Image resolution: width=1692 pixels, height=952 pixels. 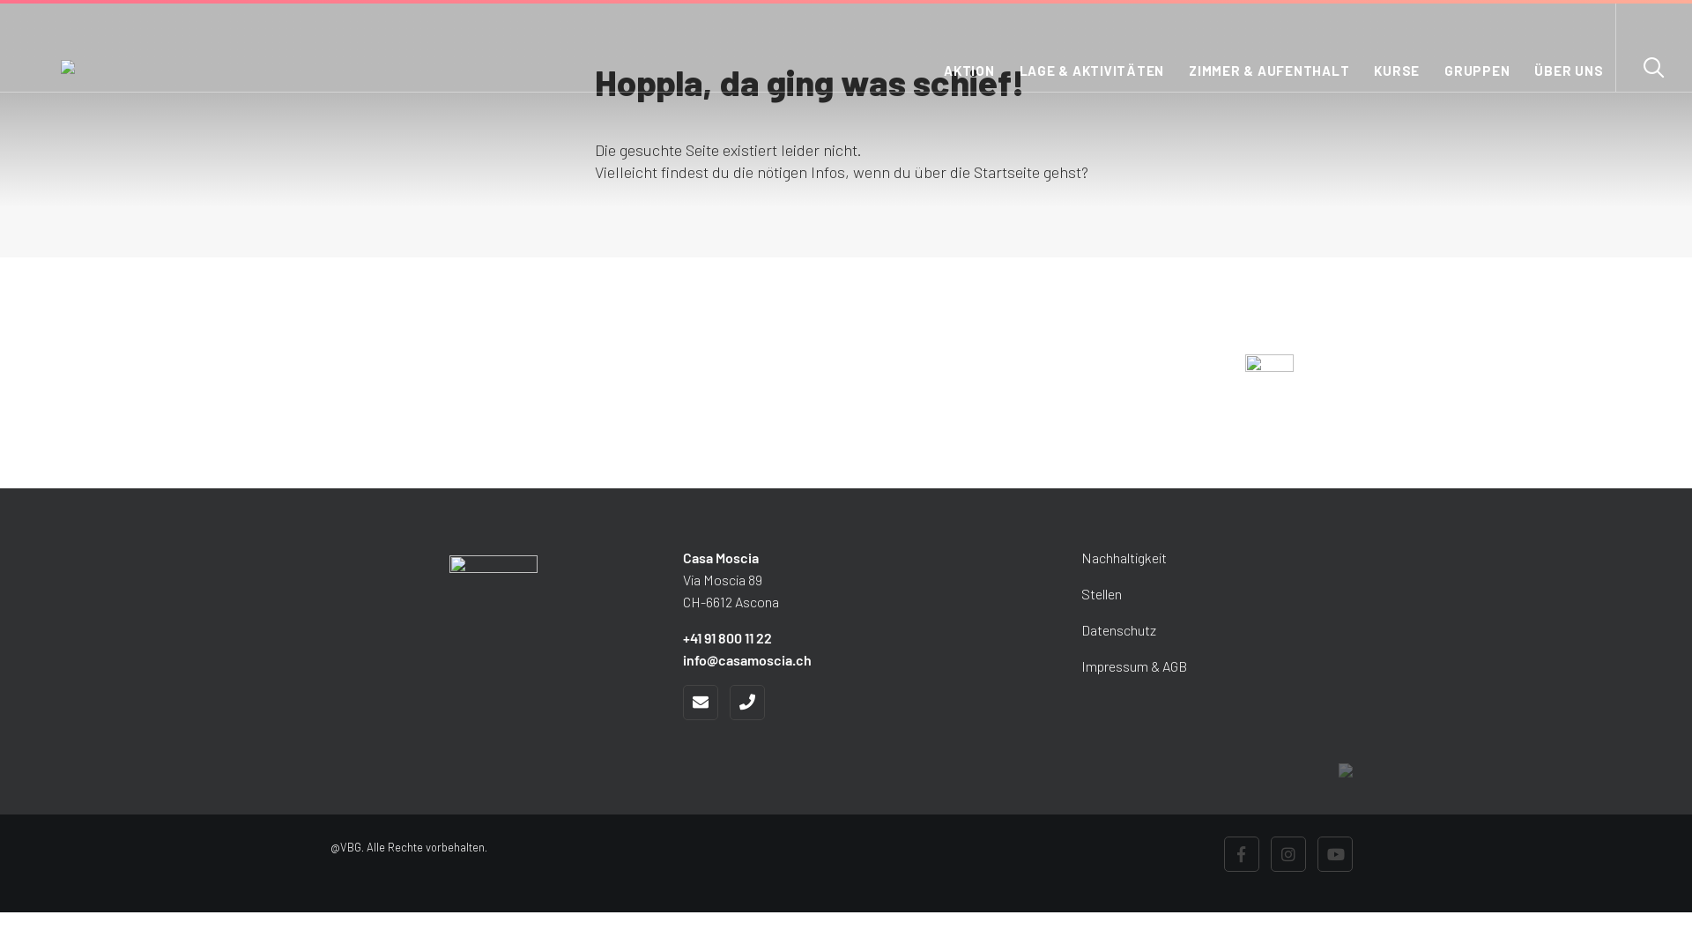 I want to click on 'GRUPPEN', so click(x=1476, y=77).